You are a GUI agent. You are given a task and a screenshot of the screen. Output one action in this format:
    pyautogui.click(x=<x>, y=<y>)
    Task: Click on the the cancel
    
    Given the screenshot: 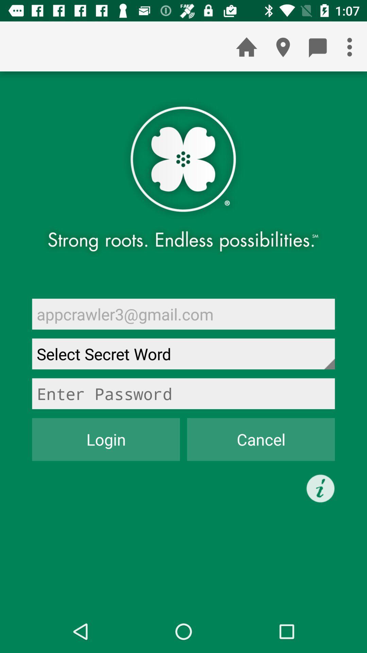 What is the action you would take?
    pyautogui.click(x=260, y=439)
    